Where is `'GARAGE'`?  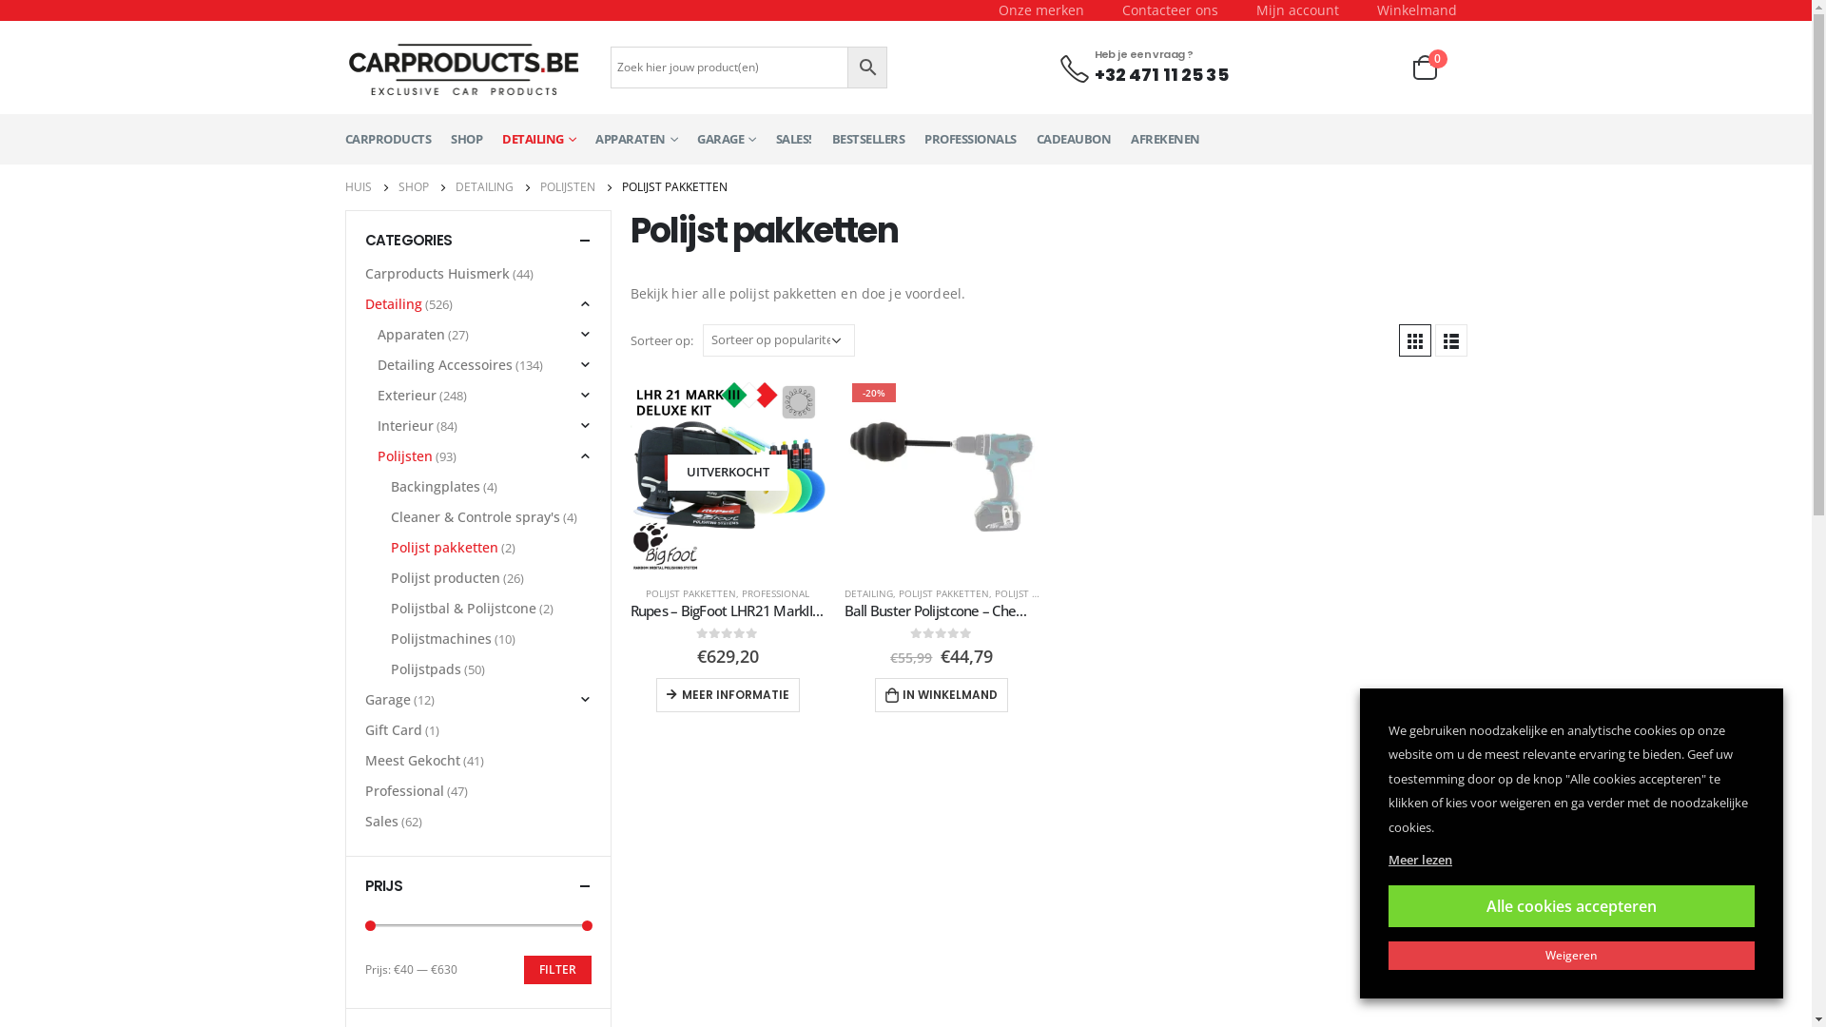
'GARAGE' is located at coordinates (725, 138).